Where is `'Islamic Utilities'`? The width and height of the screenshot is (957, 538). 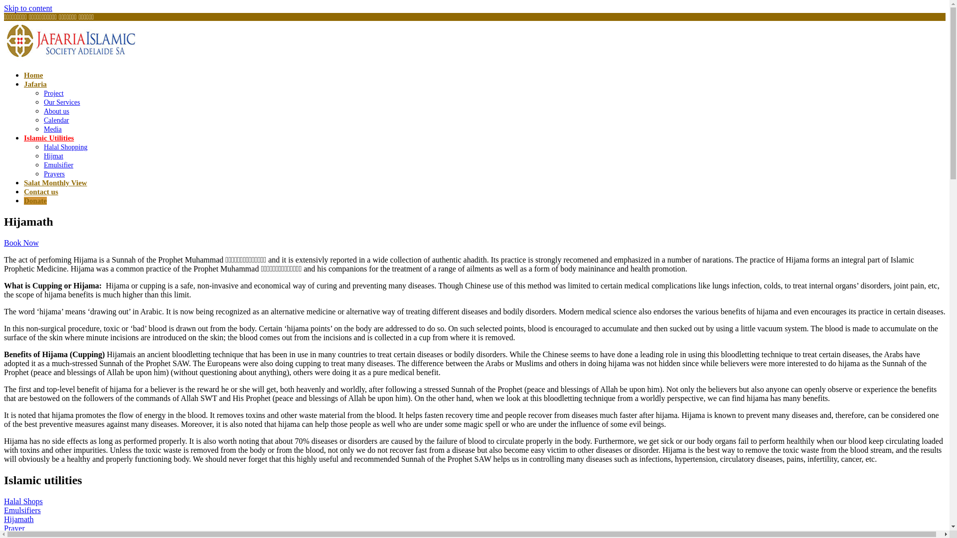
'Islamic Utilities' is located at coordinates (48, 138).